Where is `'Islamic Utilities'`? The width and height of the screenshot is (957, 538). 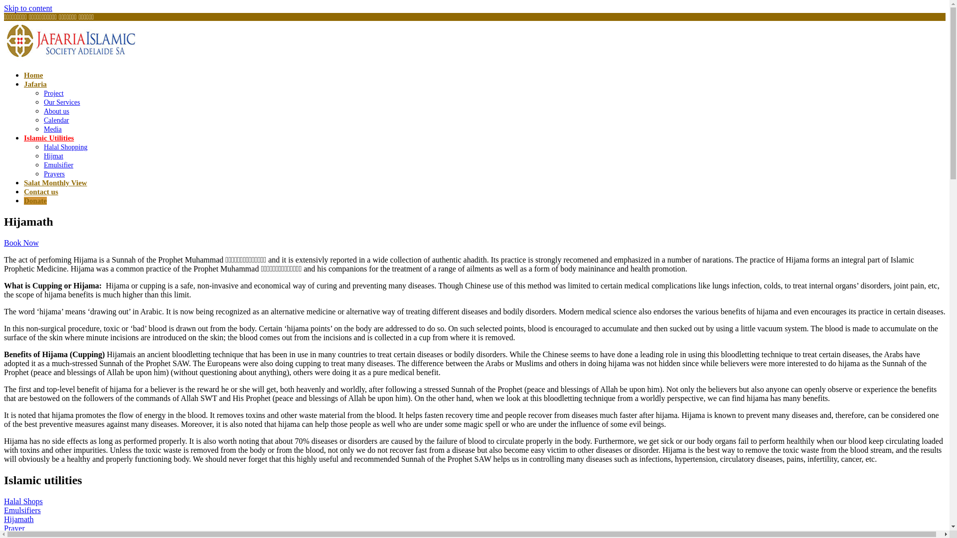
'Islamic Utilities' is located at coordinates (48, 138).